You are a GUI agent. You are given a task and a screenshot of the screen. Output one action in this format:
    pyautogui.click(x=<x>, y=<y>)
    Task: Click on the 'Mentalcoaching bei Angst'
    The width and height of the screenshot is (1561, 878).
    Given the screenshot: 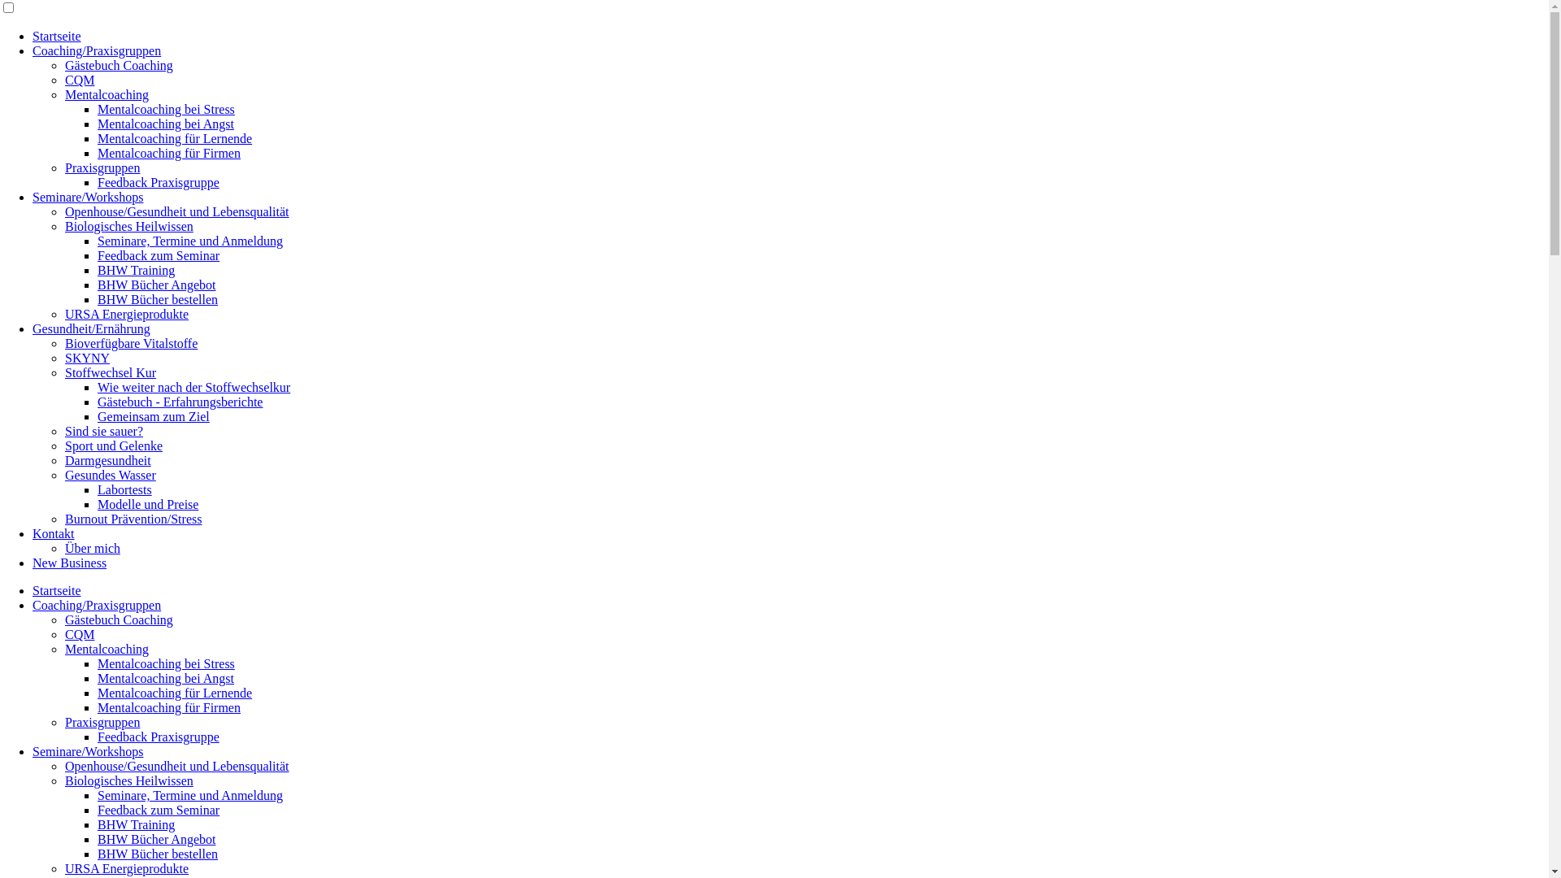 What is the action you would take?
    pyautogui.click(x=165, y=123)
    